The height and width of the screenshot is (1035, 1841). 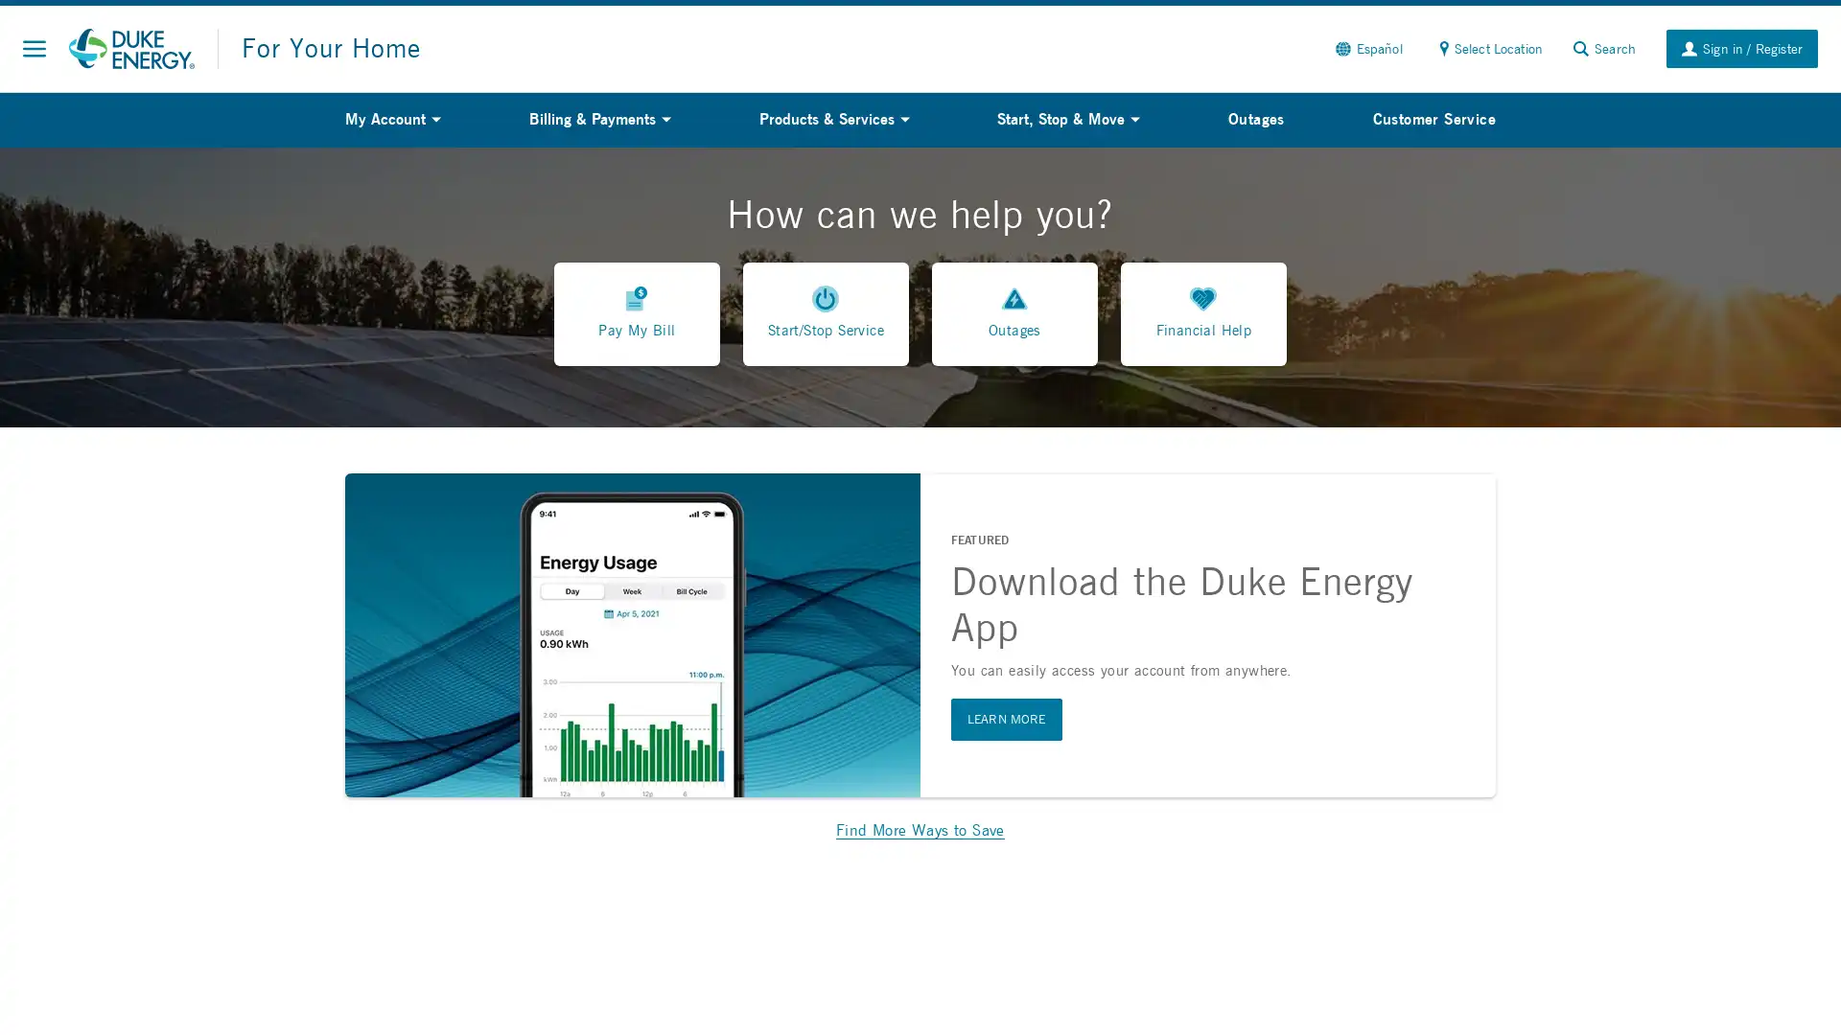 I want to click on Espanol, so click(x=1366, y=47).